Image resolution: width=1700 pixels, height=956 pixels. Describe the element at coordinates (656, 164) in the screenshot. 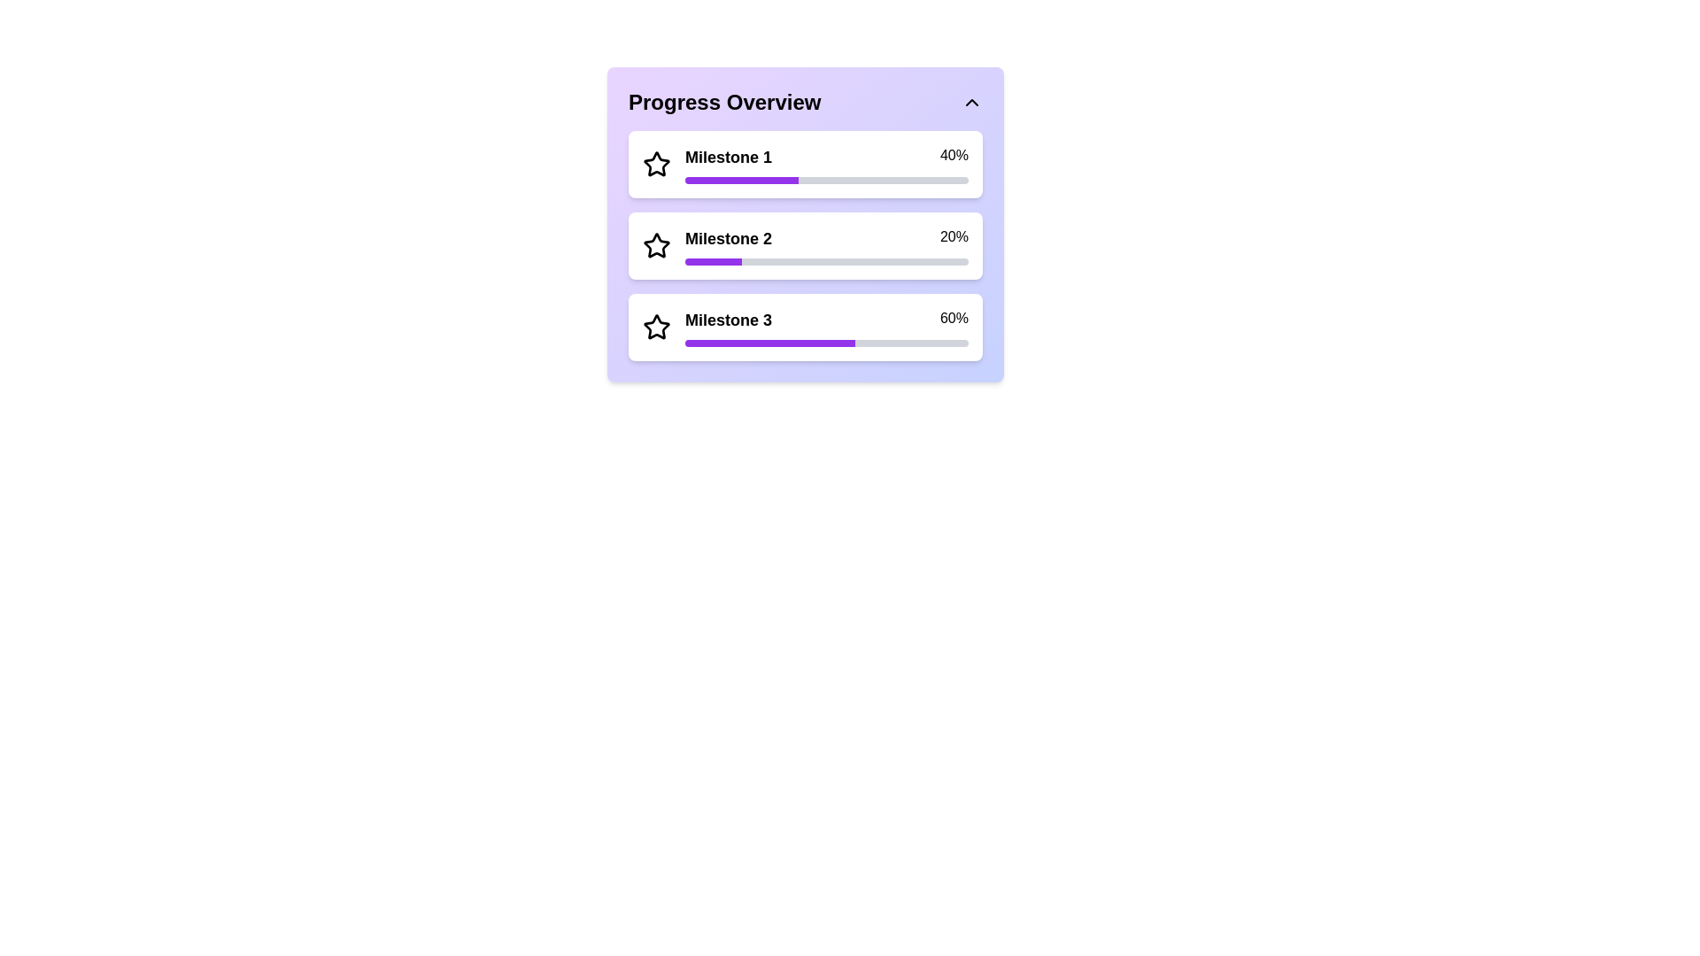

I see `the highlighted star icon in the topmost milestone block of the 'Progress Overview' section` at that location.